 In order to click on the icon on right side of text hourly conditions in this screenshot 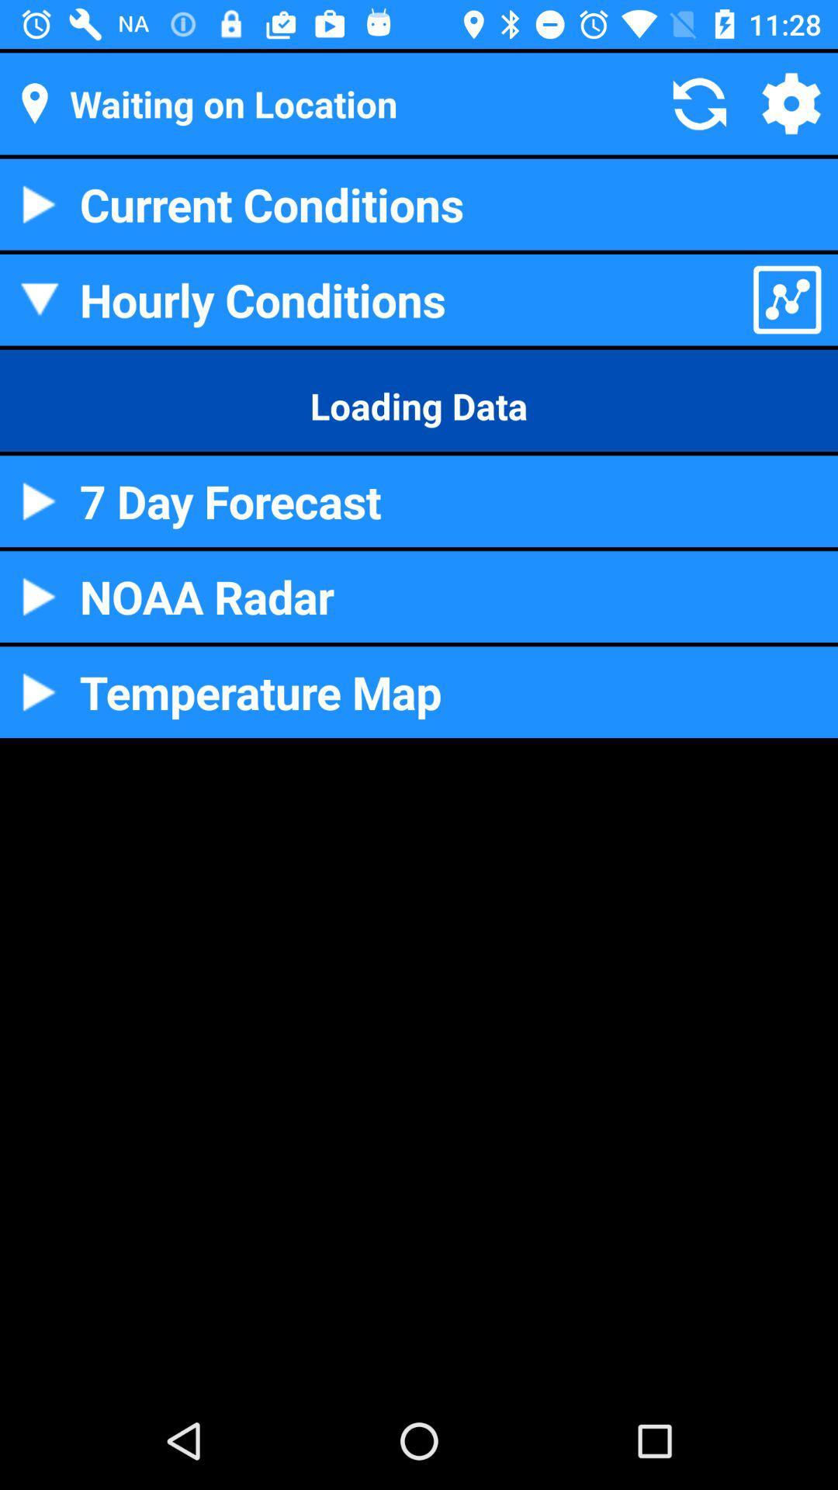, I will do `click(787, 300)`.